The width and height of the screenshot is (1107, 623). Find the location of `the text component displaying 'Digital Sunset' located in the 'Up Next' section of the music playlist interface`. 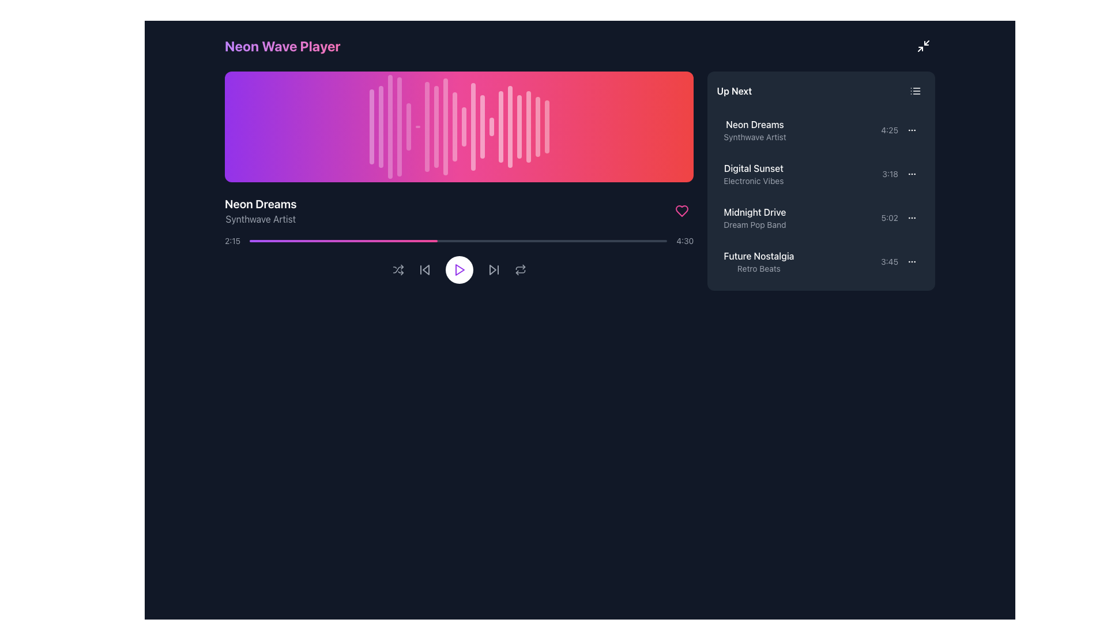

the text component displaying 'Digital Sunset' located in the 'Up Next' section of the music playlist interface is located at coordinates (754, 168).